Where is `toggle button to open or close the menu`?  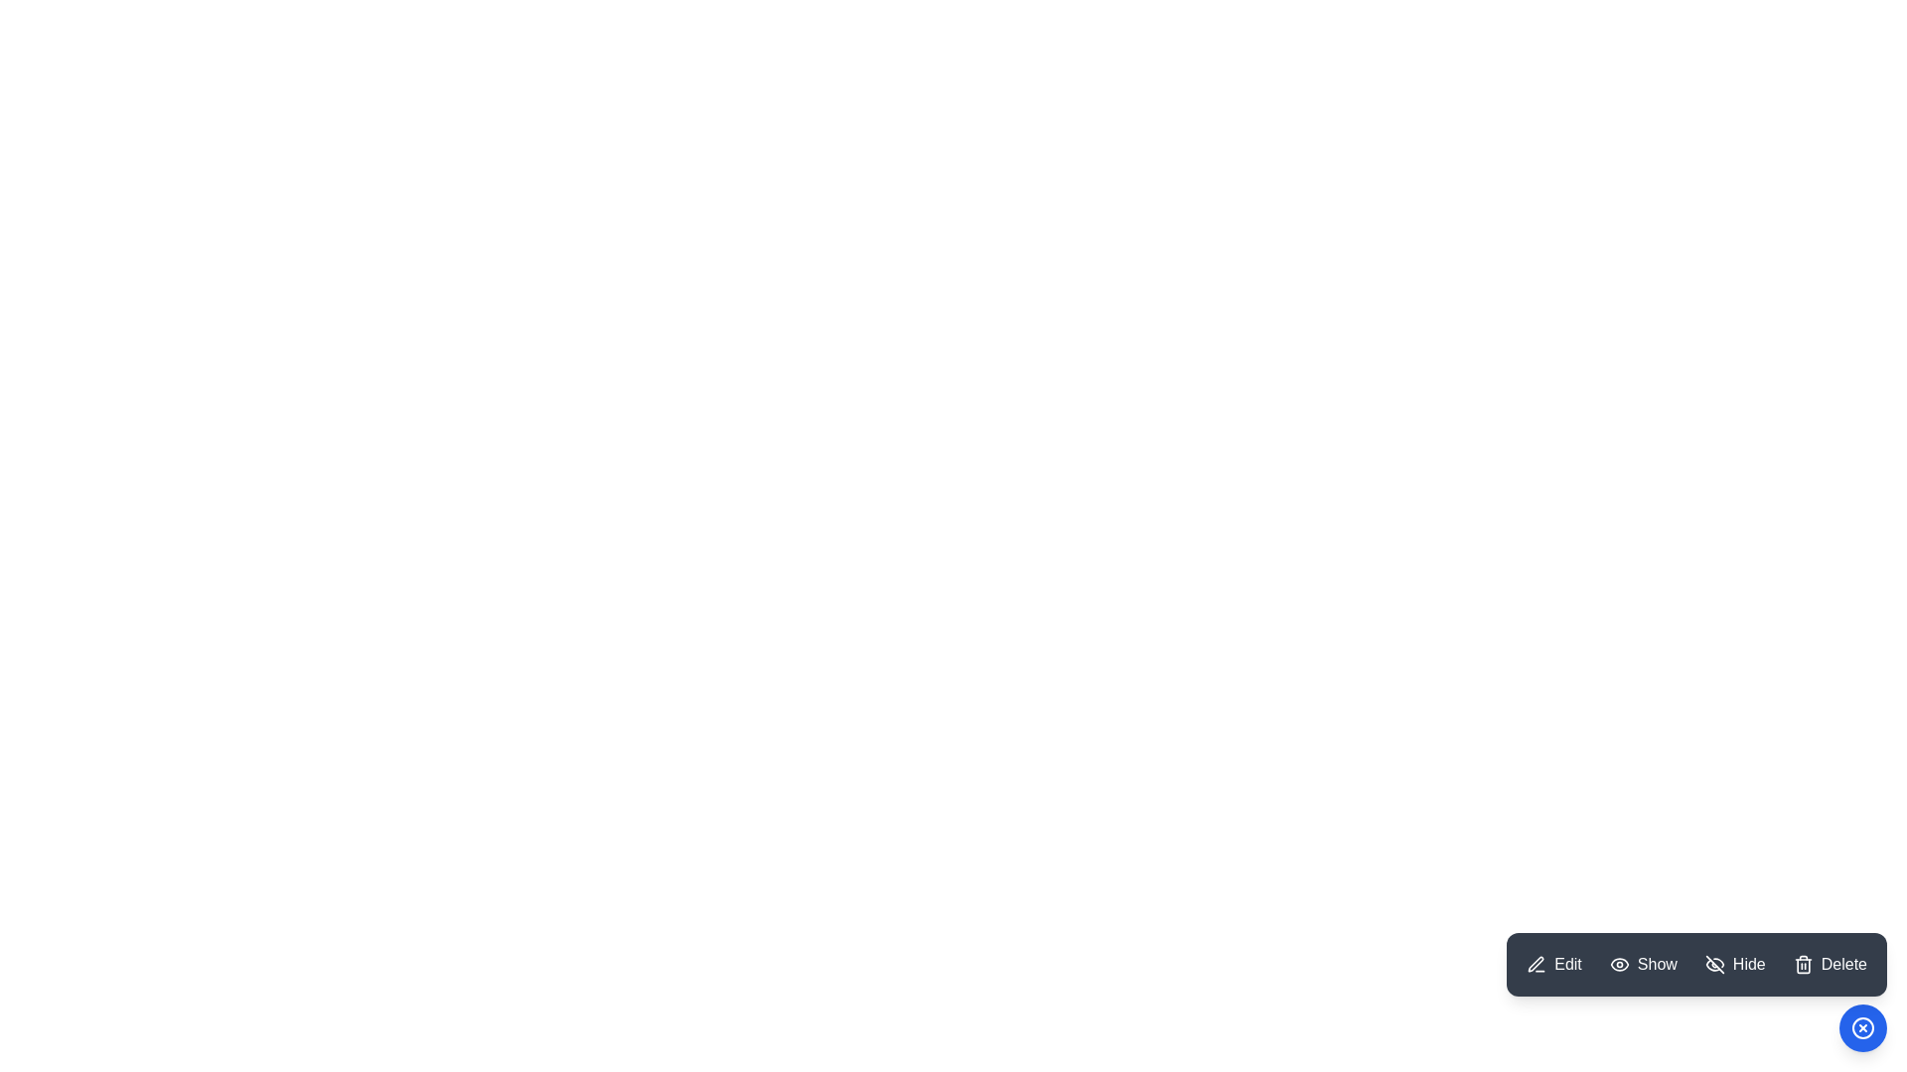 toggle button to open or close the menu is located at coordinates (1862, 1027).